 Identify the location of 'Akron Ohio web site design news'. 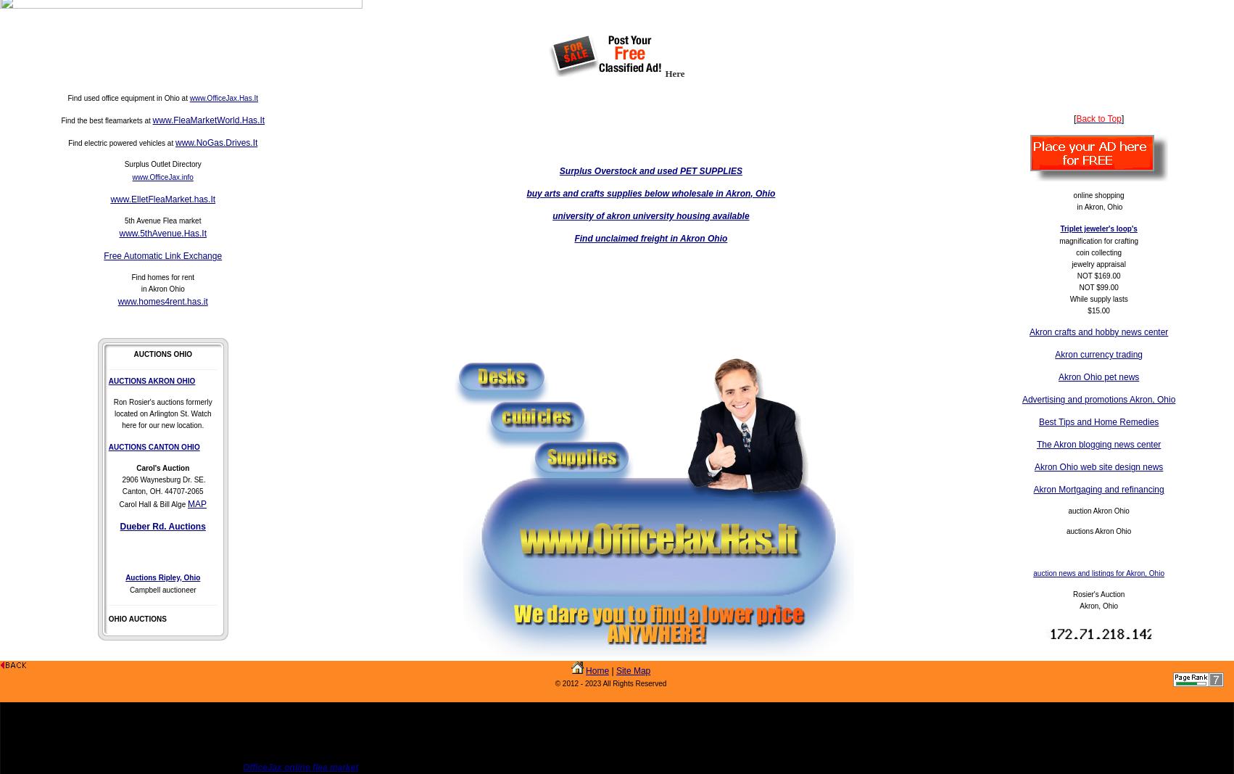
(1098, 467).